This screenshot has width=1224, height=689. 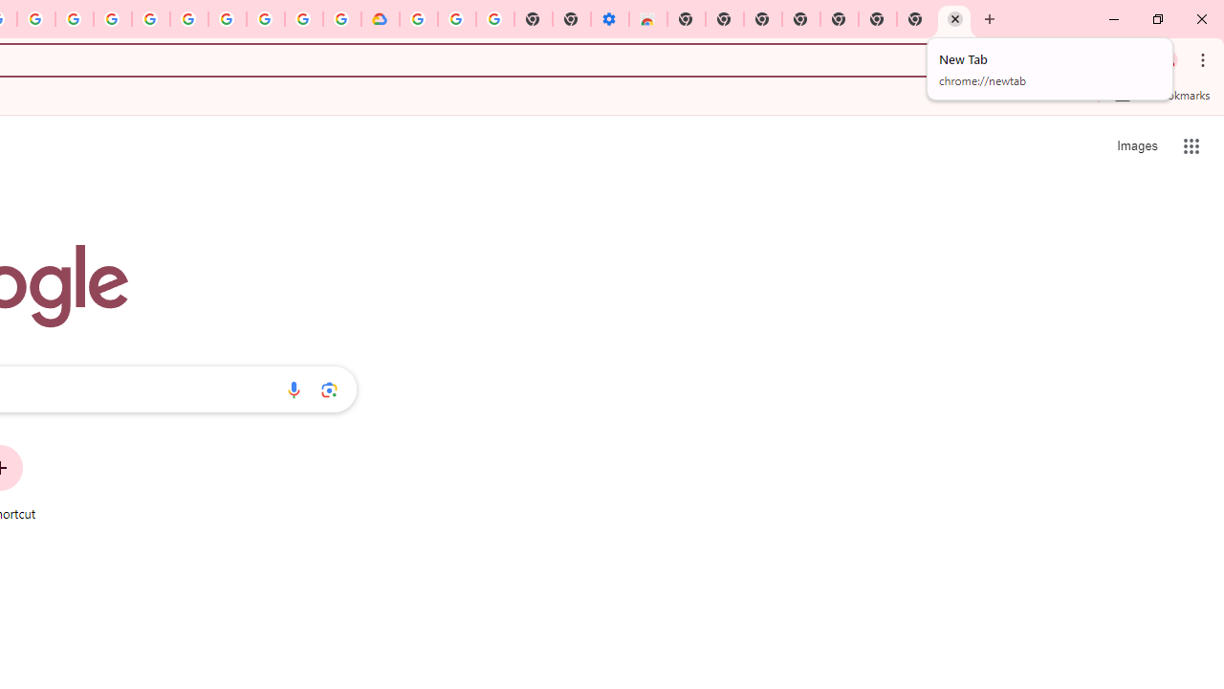 I want to click on 'Google Account Help', so click(x=456, y=19).